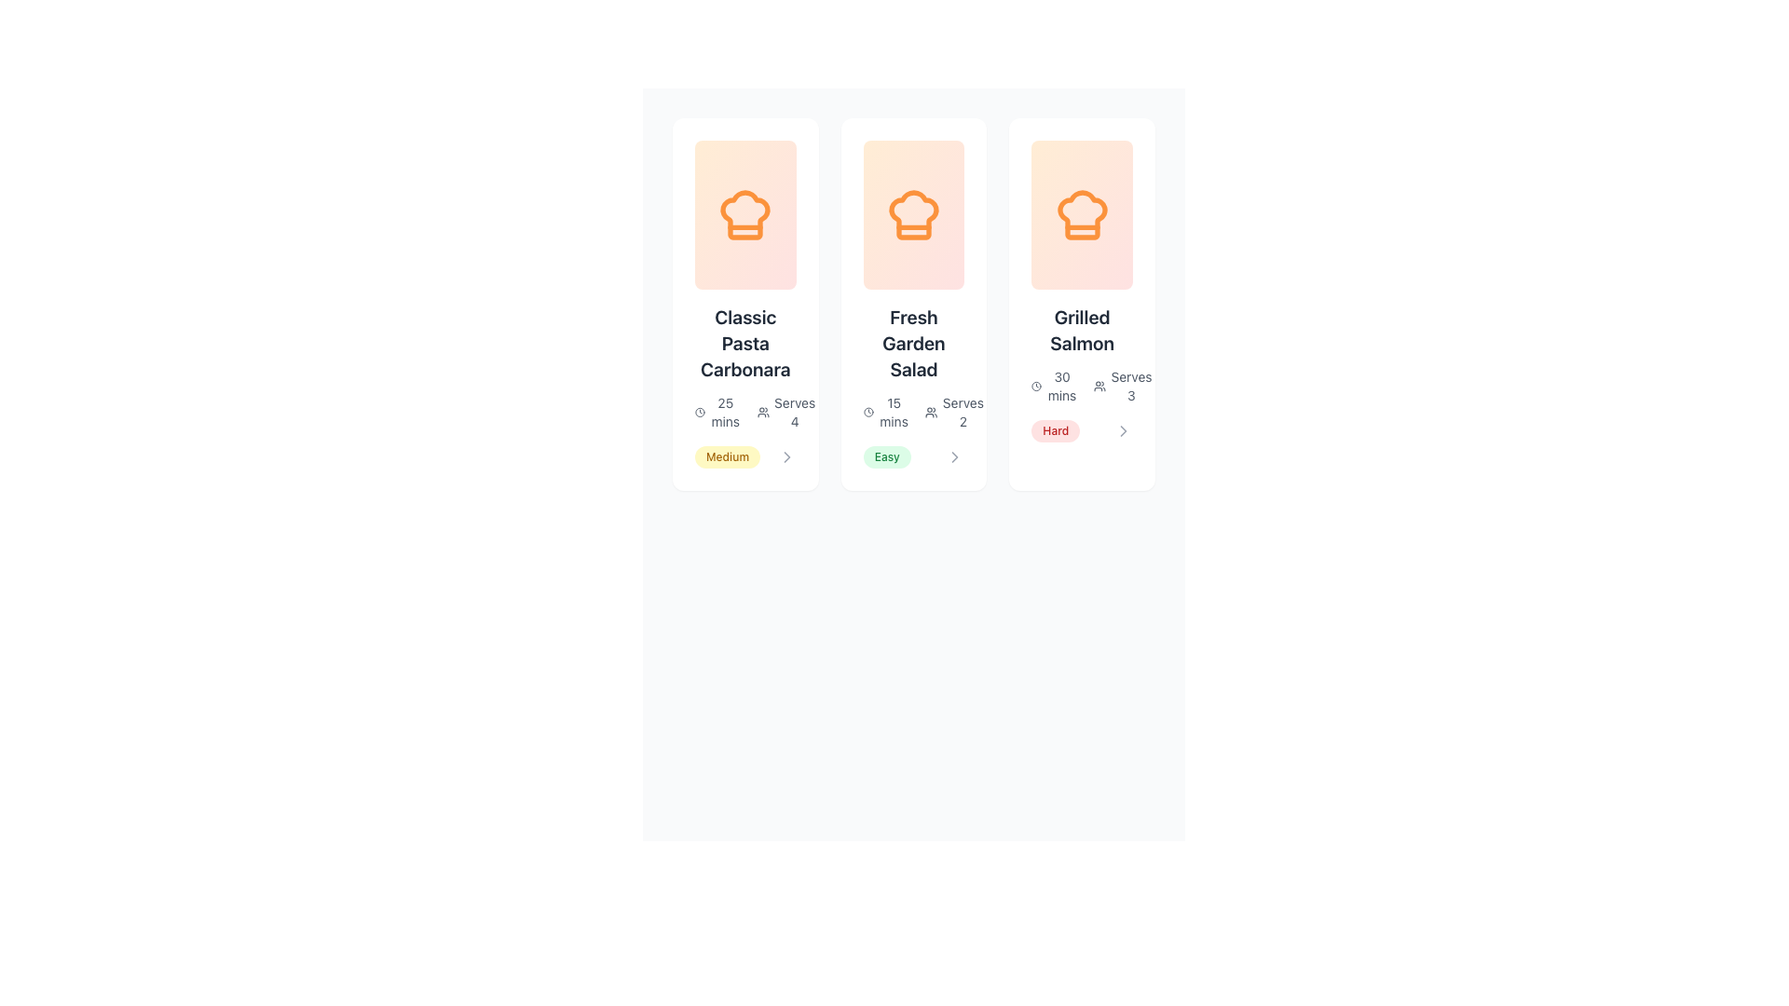 The height and width of the screenshot is (1006, 1789). I want to click on the text label displaying '25 mins' under the clock icon in the 'Classic Pasta Carbonara' recipe card, so click(724, 412).